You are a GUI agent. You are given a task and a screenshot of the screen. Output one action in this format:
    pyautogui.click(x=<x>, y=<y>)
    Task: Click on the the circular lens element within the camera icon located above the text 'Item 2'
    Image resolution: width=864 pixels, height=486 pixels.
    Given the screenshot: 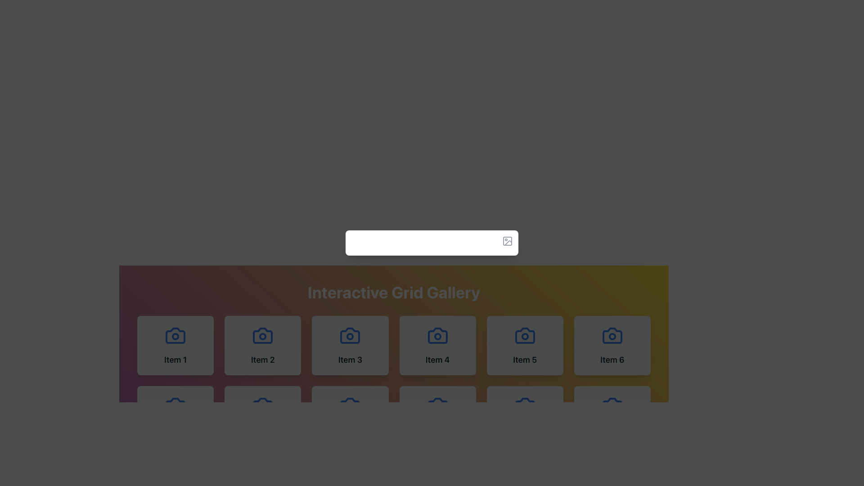 What is the action you would take?
    pyautogui.click(x=262, y=337)
    